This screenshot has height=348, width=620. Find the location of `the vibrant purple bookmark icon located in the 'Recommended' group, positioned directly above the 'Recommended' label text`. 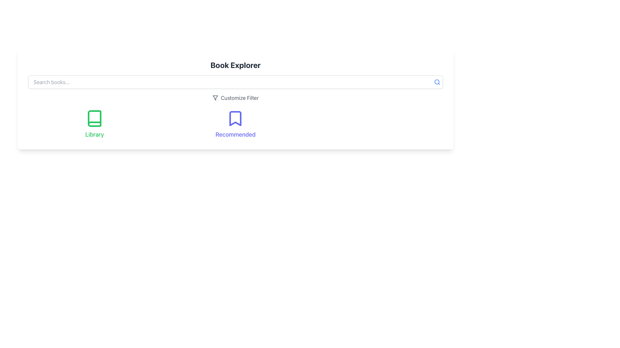

the vibrant purple bookmark icon located in the 'Recommended' group, positioned directly above the 'Recommended' label text is located at coordinates (235, 118).